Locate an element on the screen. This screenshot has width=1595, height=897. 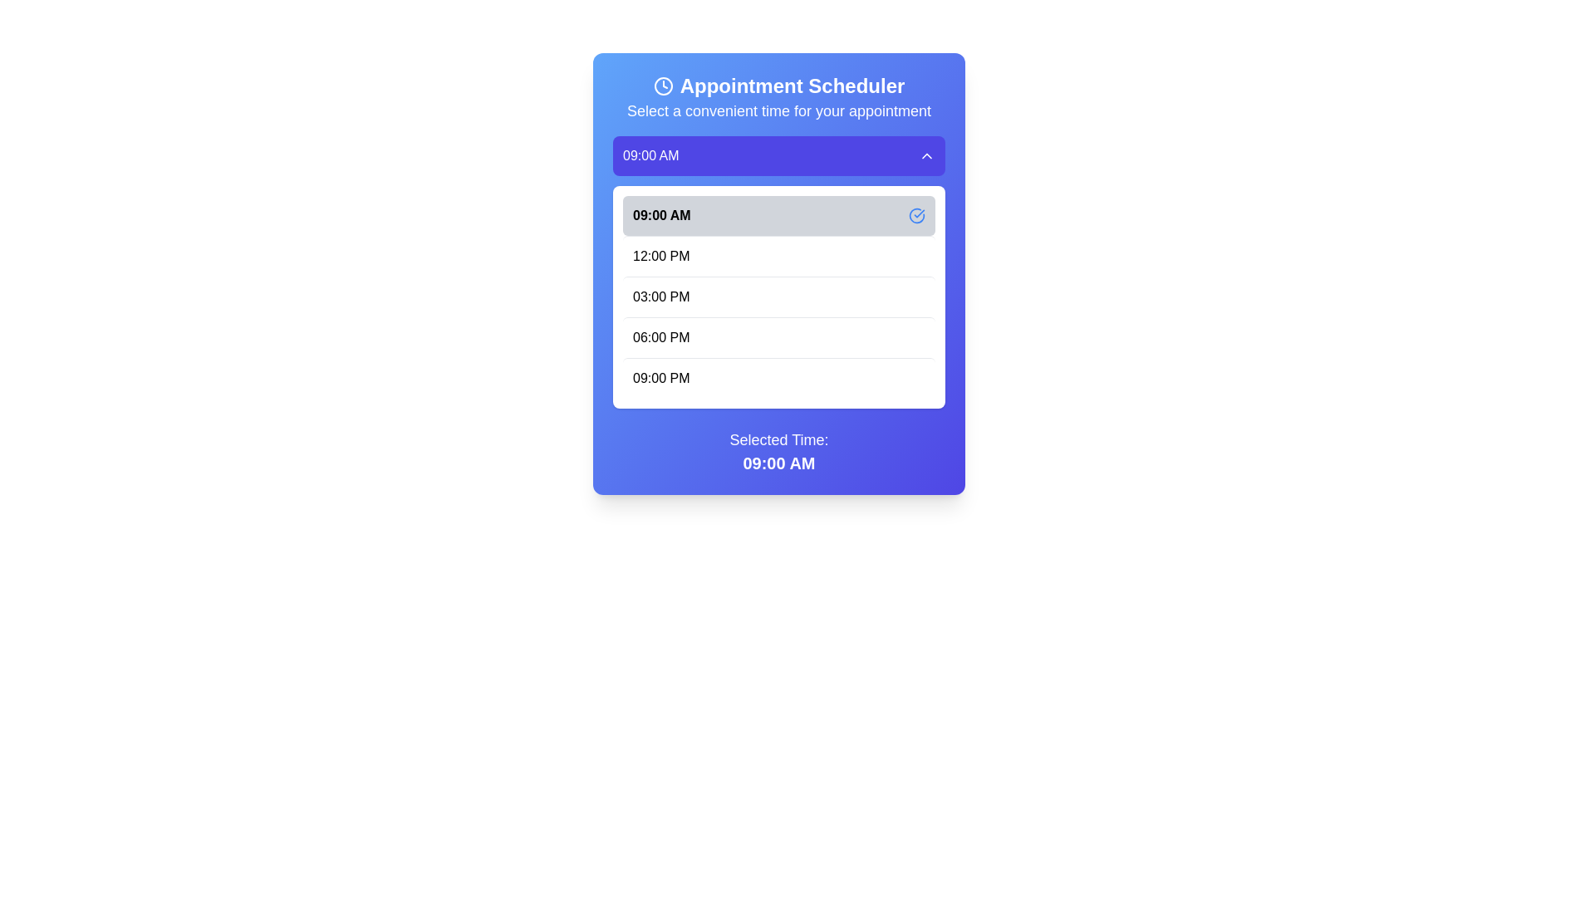
on the option item displaying '03:00 PM' is located at coordinates (778, 296).